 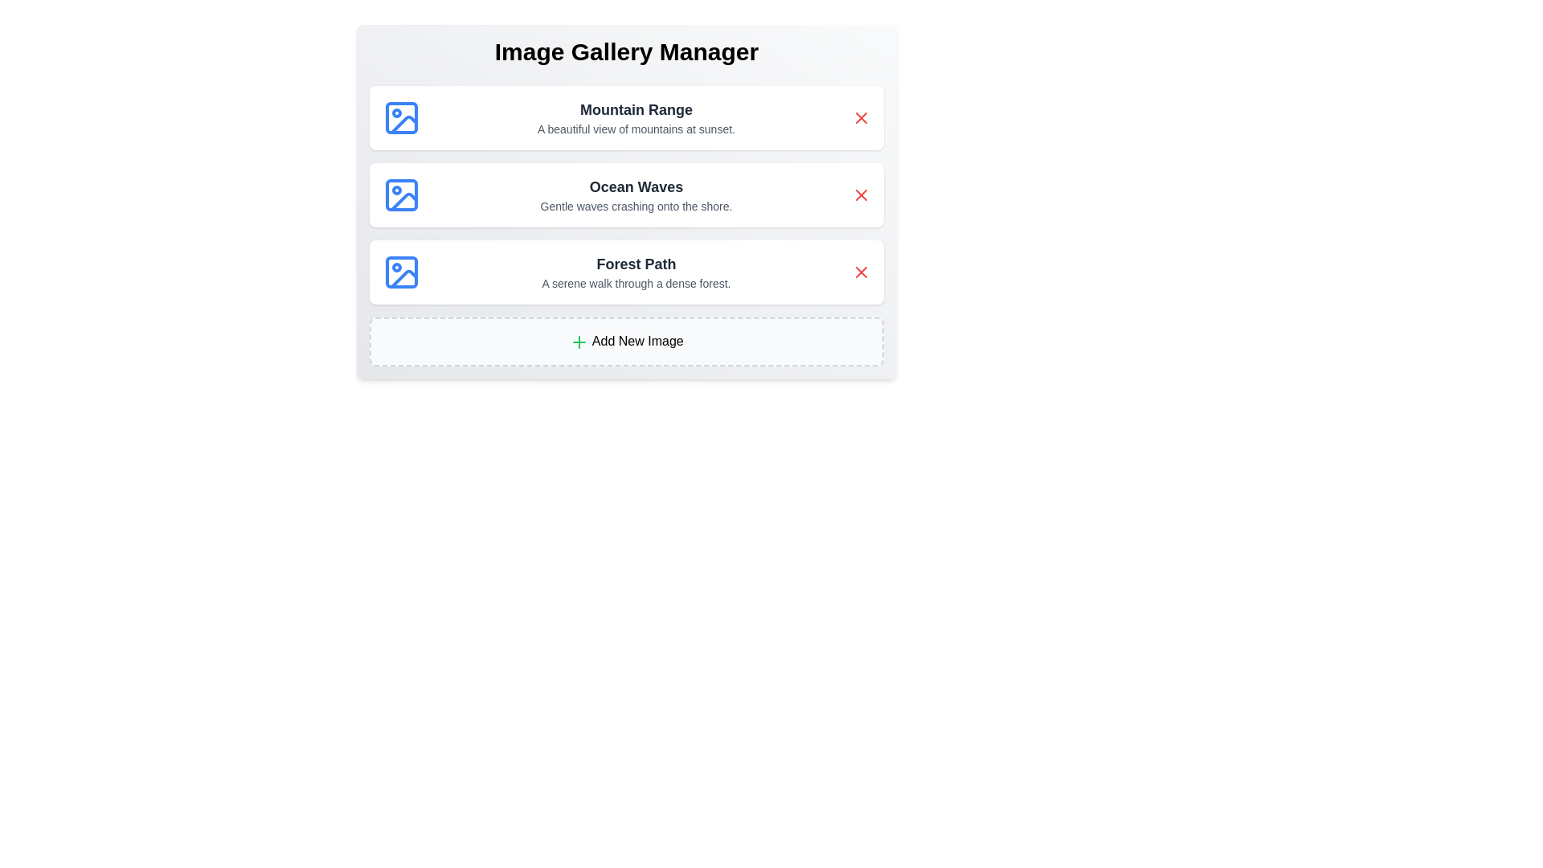 What do you see at coordinates (860, 194) in the screenshot?
I see `the delete button for the image titled Ocean Waves` at bounding box center [860, 194].